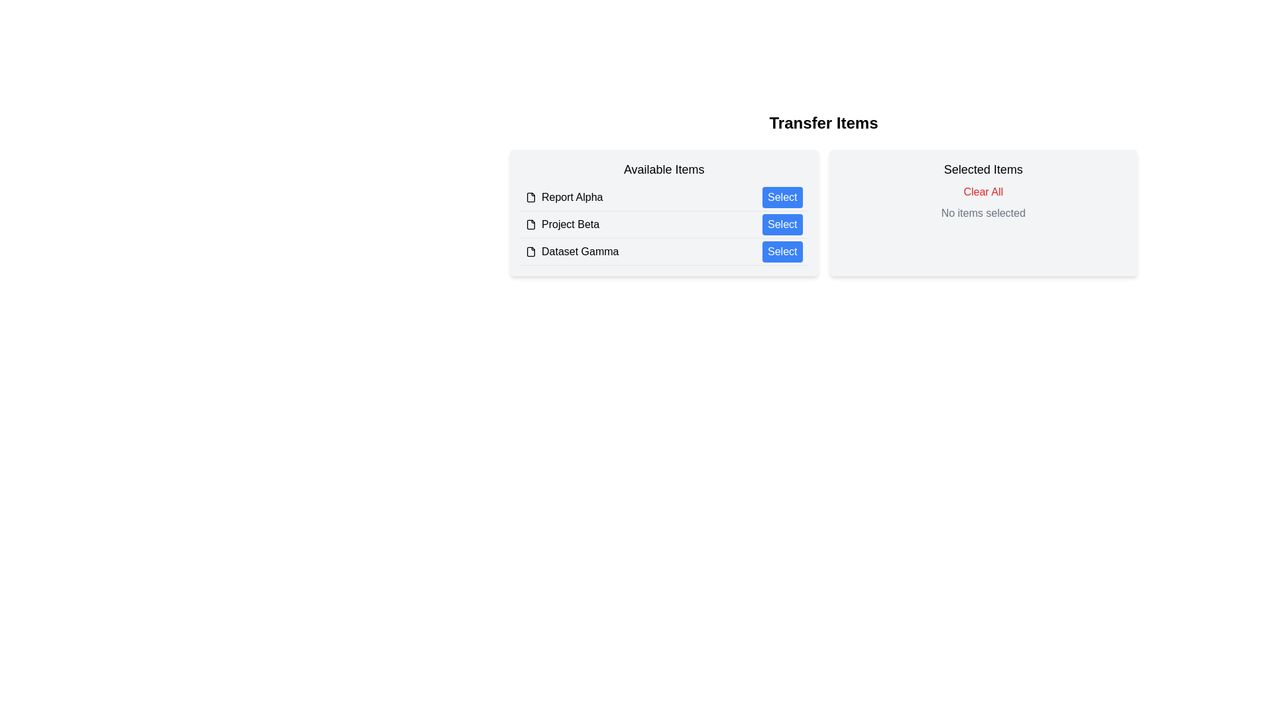 This screenshot has height=716, width=1273. What do you see at coordinates (580, 252) in the screenshot?
I see `the text label displaying 'Dataset Gamma', which is located in the third row of the 'Available Items' section, below 'Report Alpha' and 'Project Beta', and to the left of the blue button labeled 'Select'` at bounding box center [580, 252].